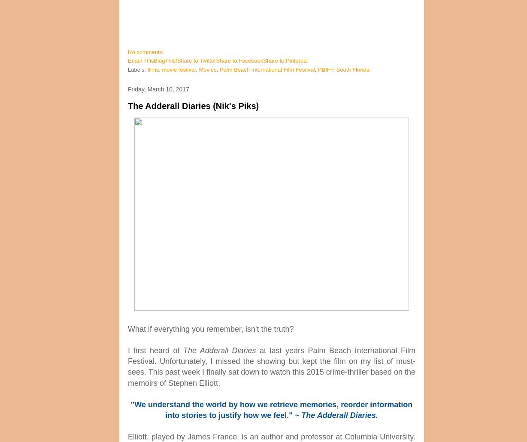 This screenshot has height=442, width=527. What do you see at coordinates (317, 69) in the screenshot?
I see `'PBIFF'` at bounding box center [317, 69].